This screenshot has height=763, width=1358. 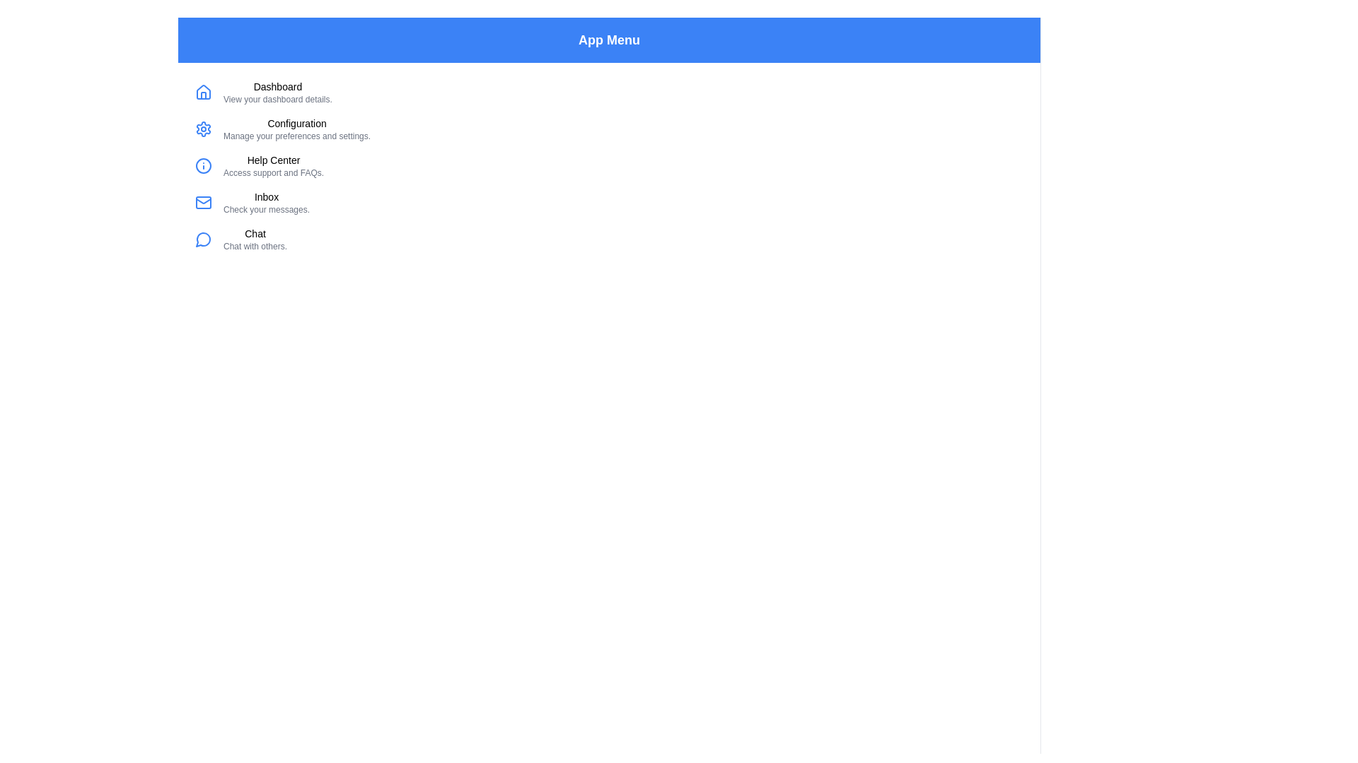 What do you see at coordinates (203, 165) in the screenshot?
I see `the SVG Icon (information symbol) associated with the 'Help Center' menu entry, which serves as a visual indicator for accessing help or support resources` at bounding box center [203, 165].